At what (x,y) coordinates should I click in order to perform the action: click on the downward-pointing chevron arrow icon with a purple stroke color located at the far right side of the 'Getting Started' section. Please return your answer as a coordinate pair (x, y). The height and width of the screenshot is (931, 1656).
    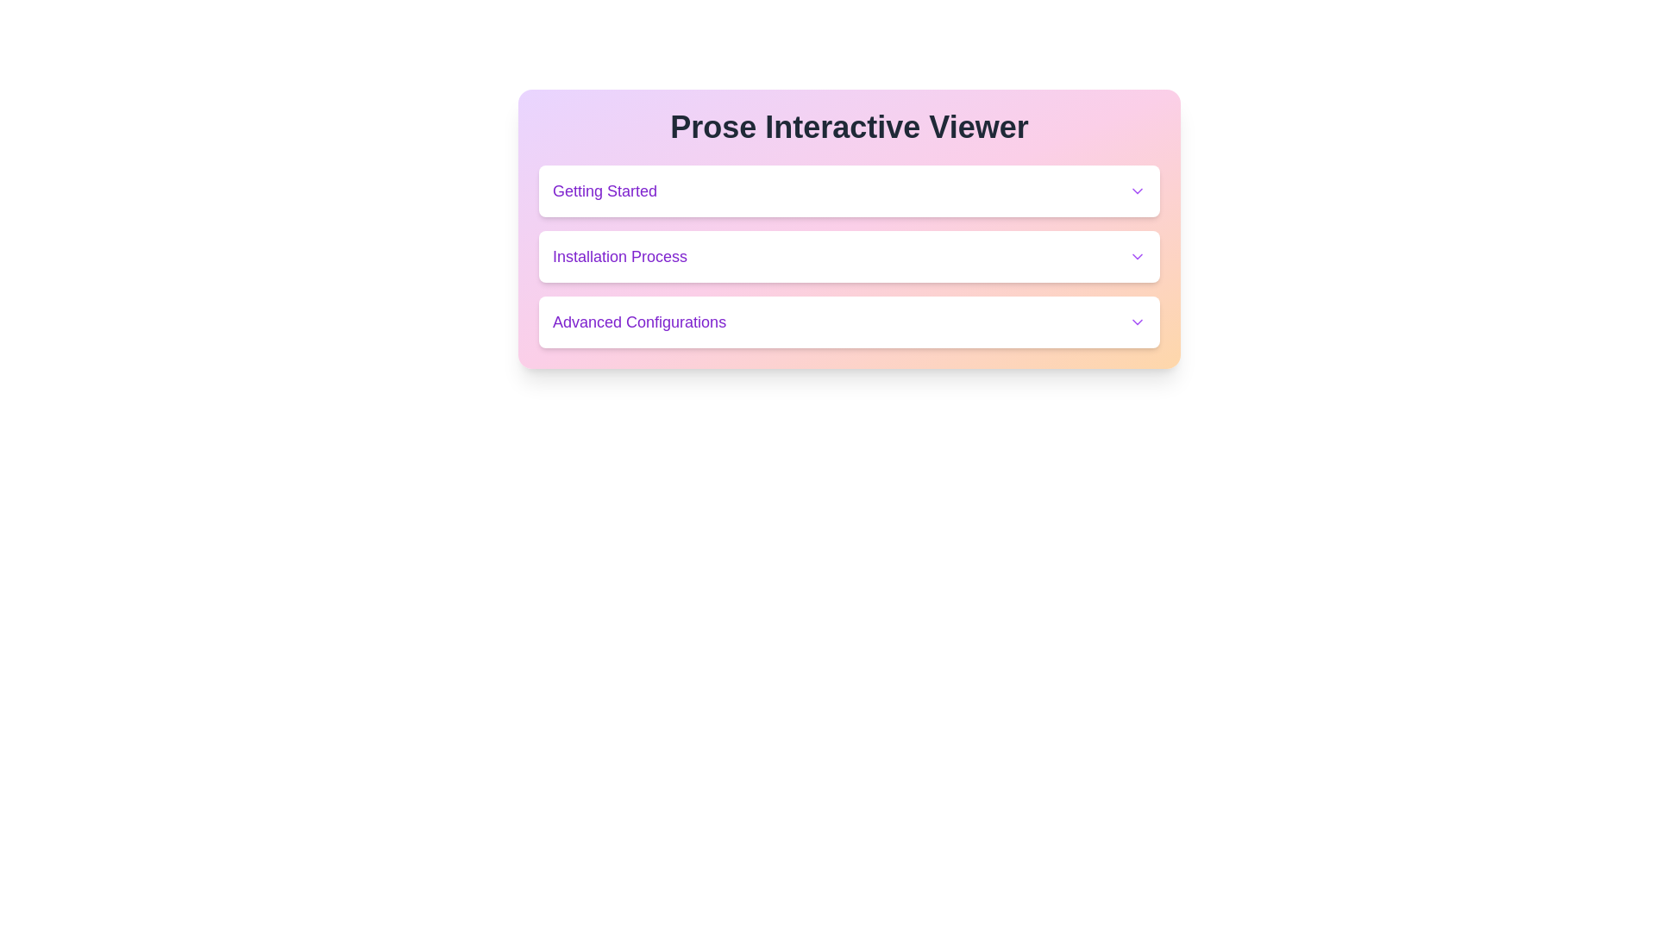
    Looking at the image, I should click on (1138, 191).